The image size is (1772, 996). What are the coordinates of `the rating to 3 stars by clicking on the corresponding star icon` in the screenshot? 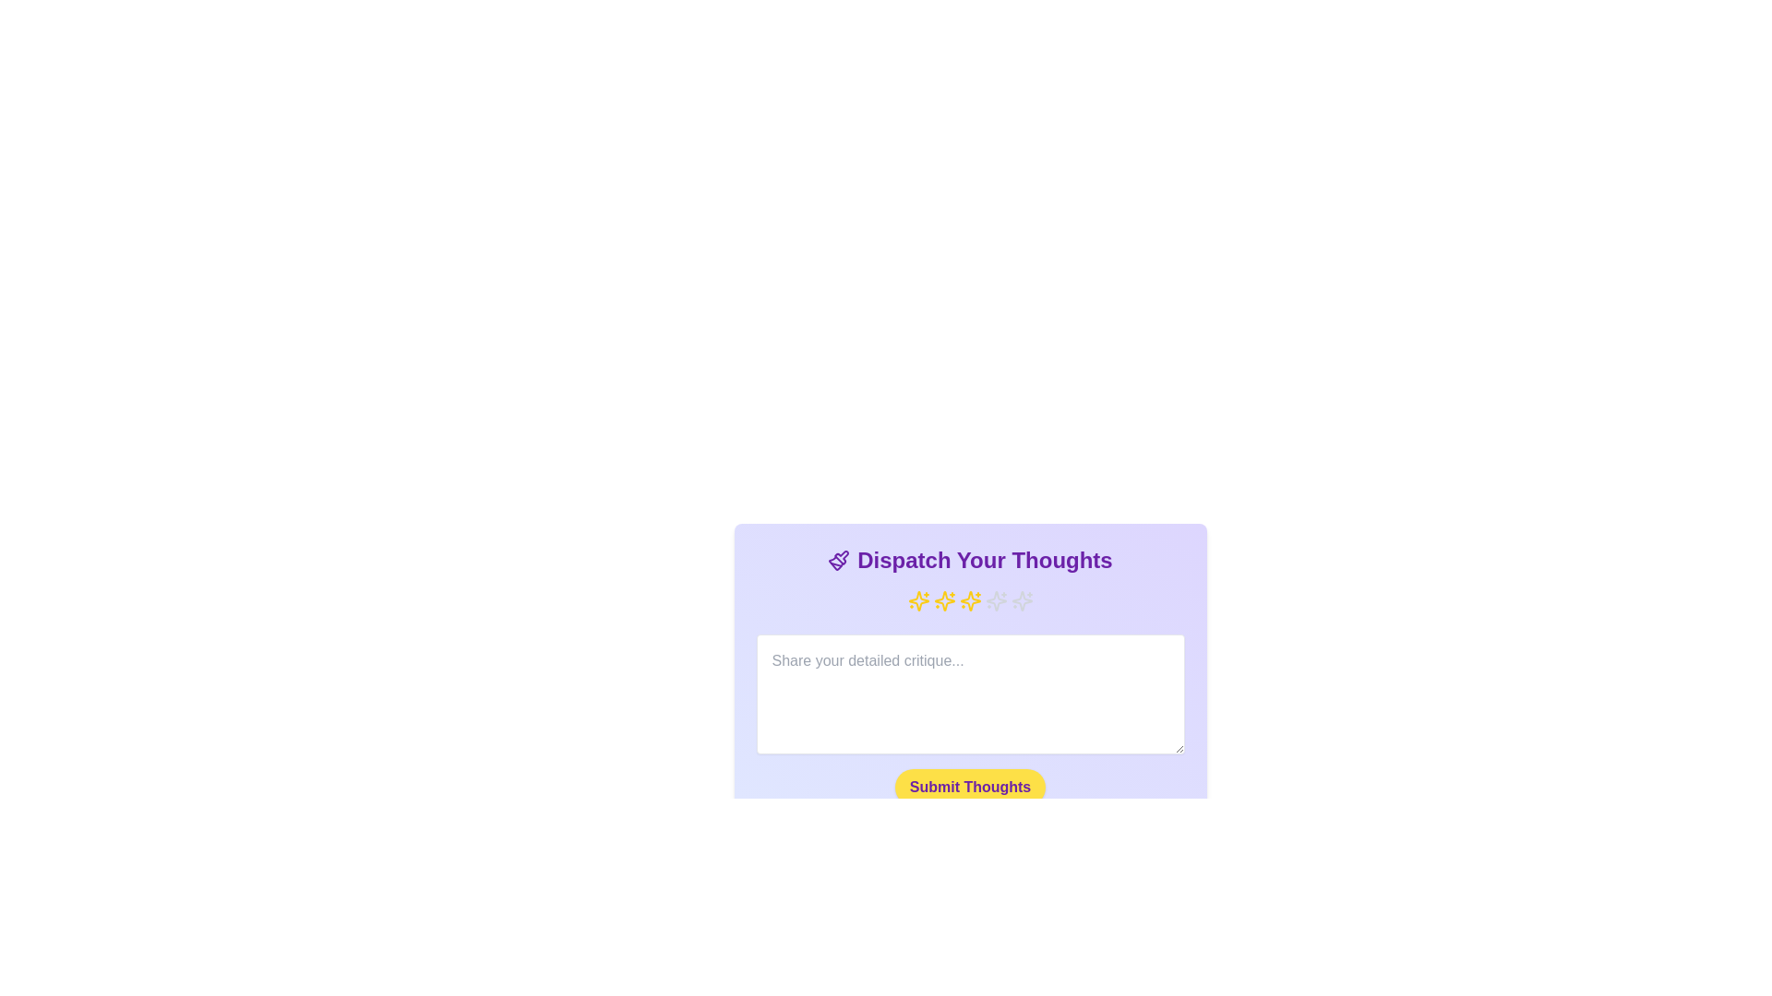 It's located at (969, 600).